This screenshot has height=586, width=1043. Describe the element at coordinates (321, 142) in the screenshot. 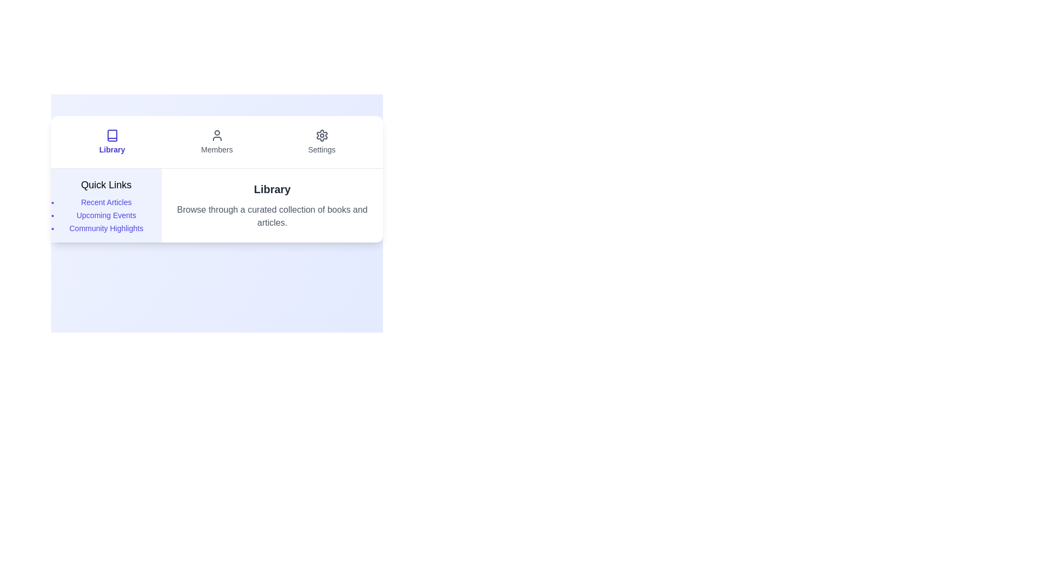

I see `the tab labeled Settings` at that location.